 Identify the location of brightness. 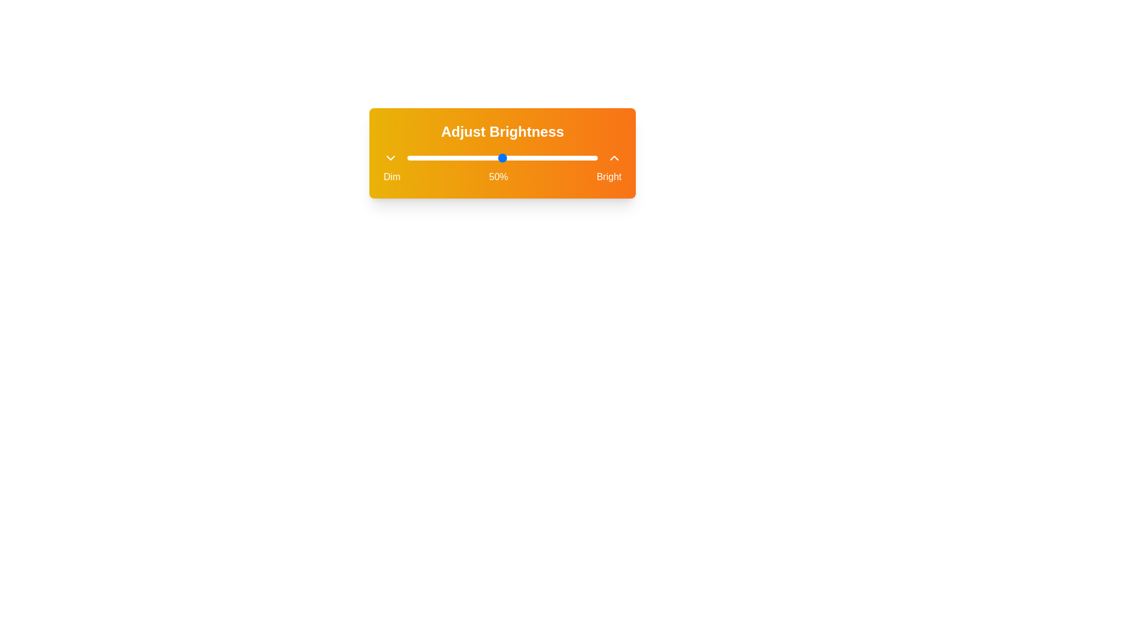
(441, 158).